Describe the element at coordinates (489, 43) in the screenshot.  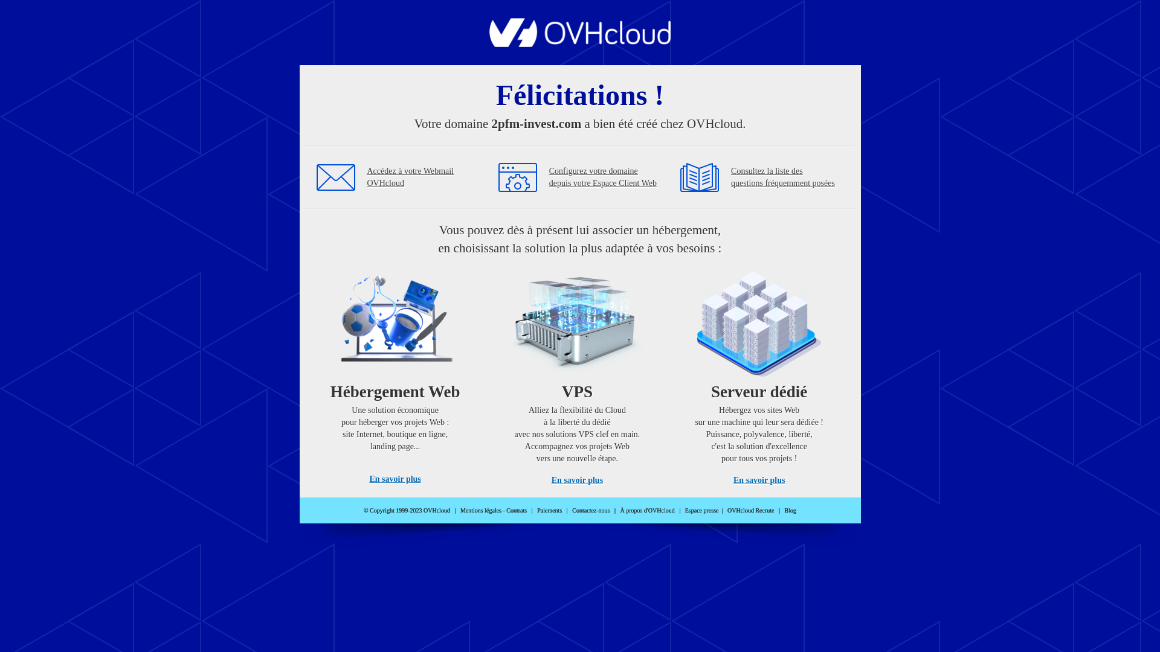
I see `'OVHcloud'` at that location.